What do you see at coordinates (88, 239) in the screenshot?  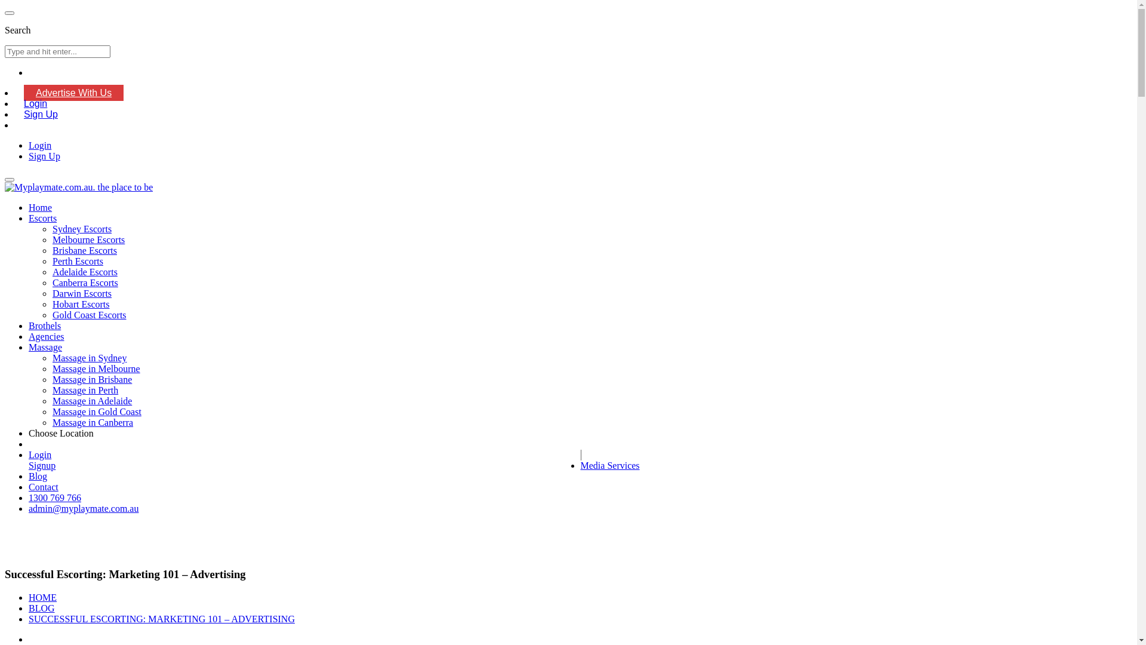 I see `'Melbourne Escorts'` at bounding box center [88, 239].